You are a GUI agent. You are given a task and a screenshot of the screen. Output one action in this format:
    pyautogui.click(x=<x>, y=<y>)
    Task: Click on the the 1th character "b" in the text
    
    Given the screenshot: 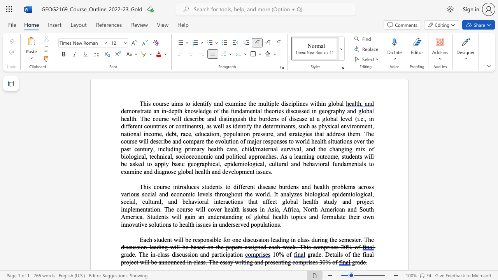 What is the action you would take?
    pyautogui.click(x=187, y=239)
    